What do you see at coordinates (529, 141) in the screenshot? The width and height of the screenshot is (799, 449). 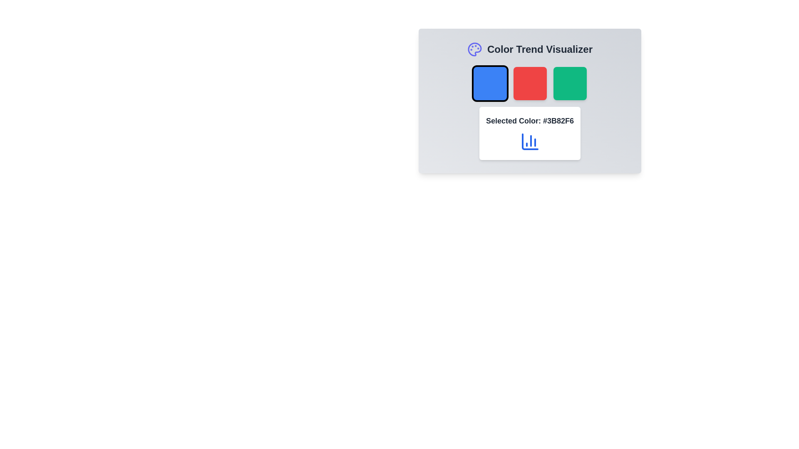 I see `the stylized graphical shape resembling a bar chart, which is part of a compact graphical icon located within a white card under the 'Selected Color' text` at bounding box center [529, 141].